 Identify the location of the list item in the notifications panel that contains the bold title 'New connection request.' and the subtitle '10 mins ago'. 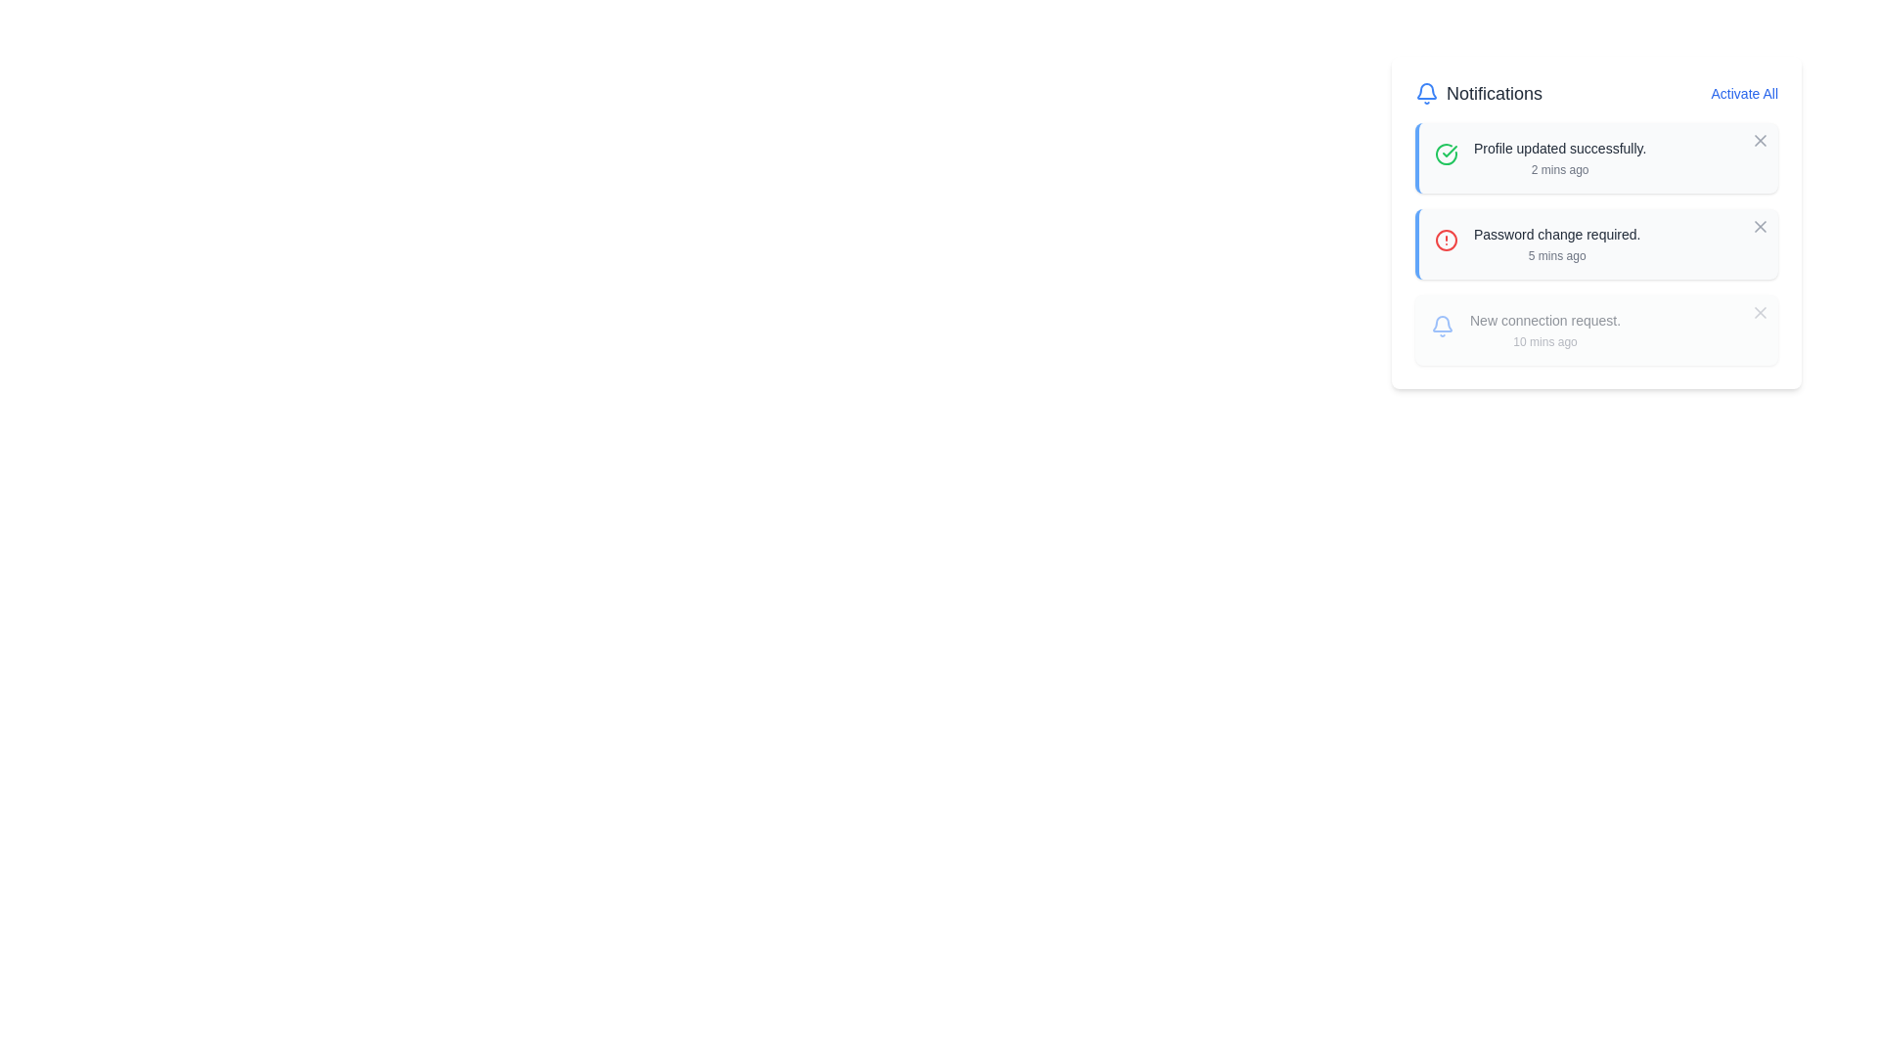
(1543, 330).